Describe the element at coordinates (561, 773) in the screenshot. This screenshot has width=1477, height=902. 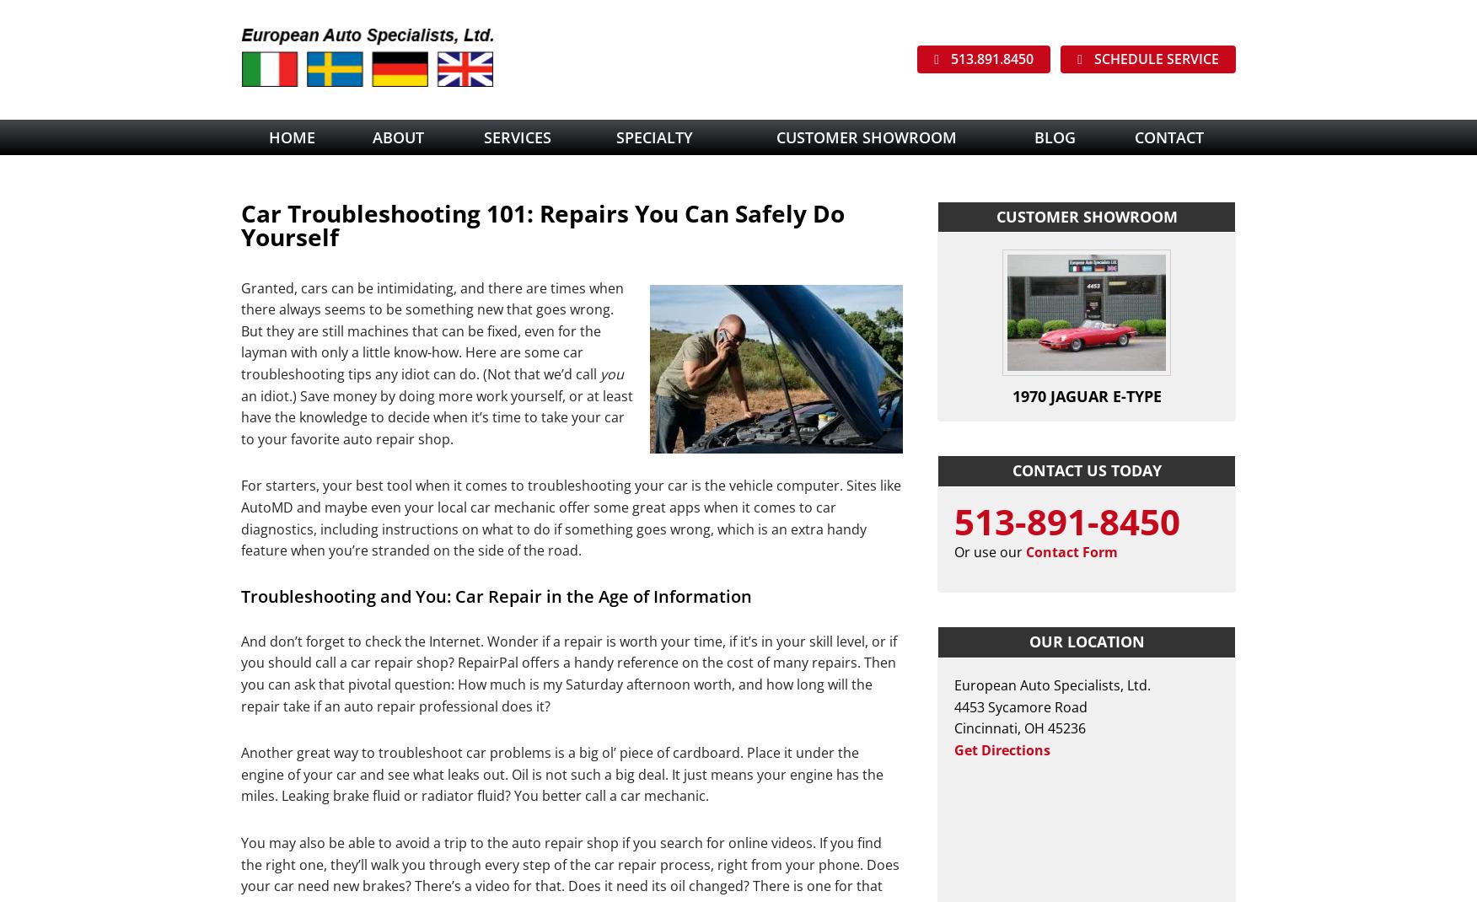
I see `'Another great way to troubleshoot car problems is a big ol’ piece of cardboard. Place it under the engine of your car and see what leaks out. Oil is not such a big deal. It just means your engine has the miles. Leaking brake fluid or radiator fluid? You better call a car mechanic.'` at that location.